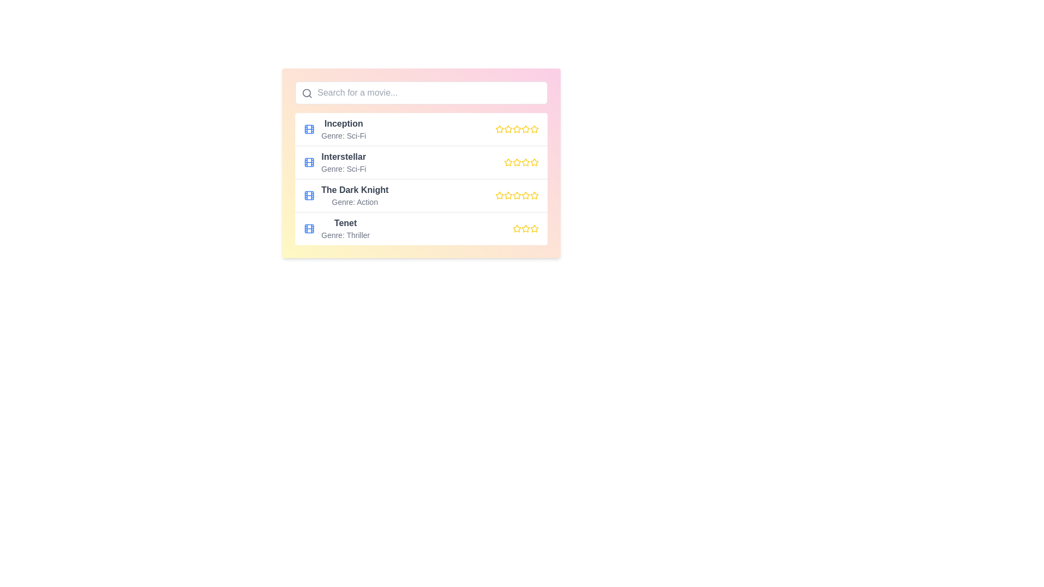 This screenshot has height=587, width=1044. What do you see at coordinates (516, 129) in the screenshot?
I see `the third rating star icon in a row of five stars next to the text 'Inception' under the 'Genre: Sci-Fi' section` at bounding box center [516, 129].